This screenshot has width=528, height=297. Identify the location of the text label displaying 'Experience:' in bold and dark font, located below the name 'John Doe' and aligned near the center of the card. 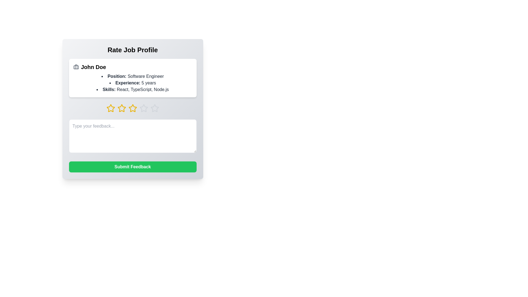
(128, 83).